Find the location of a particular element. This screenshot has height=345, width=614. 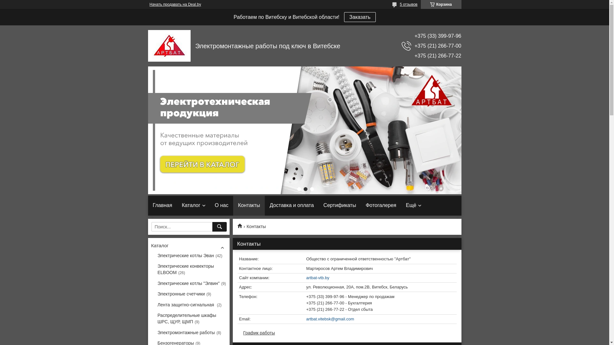

'artbat.vitebsk@gmail.com' is located at coordinates (346, 319).